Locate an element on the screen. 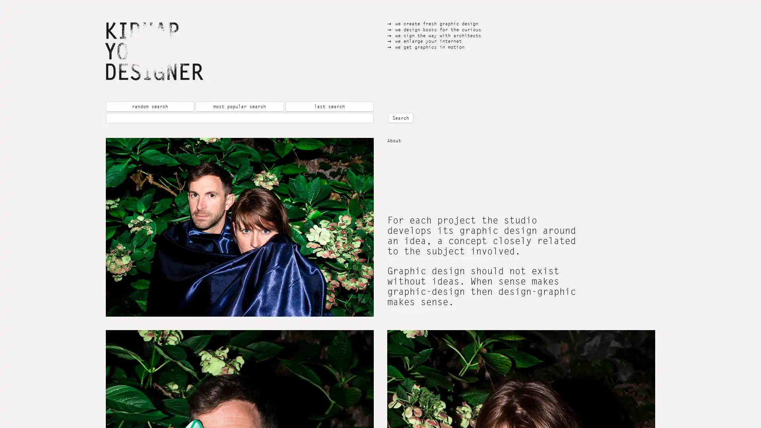 The height and width of the screenshot is (428, 761). random search is located at coordinates (150, 106).